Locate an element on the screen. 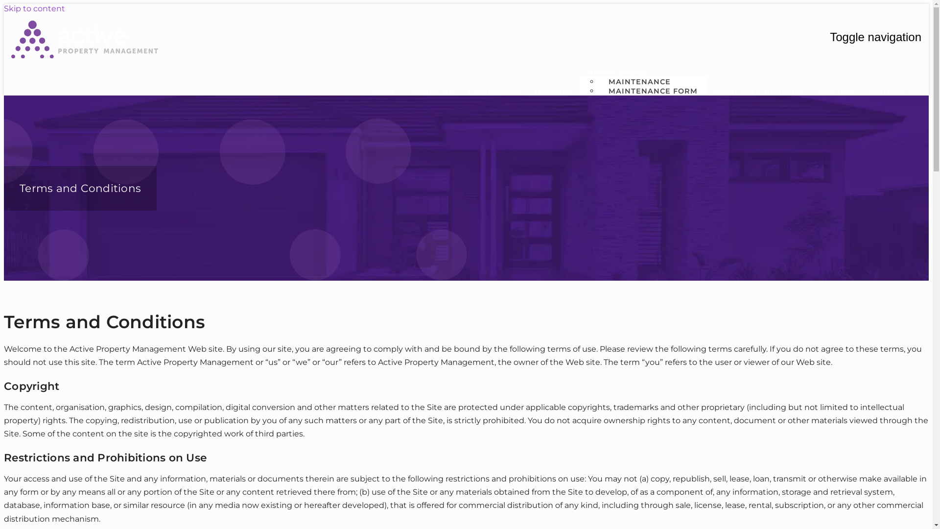 This screenshot has width=940, height=529. 'MAINTENANCE FORM' is located at coordinates (653, 91).